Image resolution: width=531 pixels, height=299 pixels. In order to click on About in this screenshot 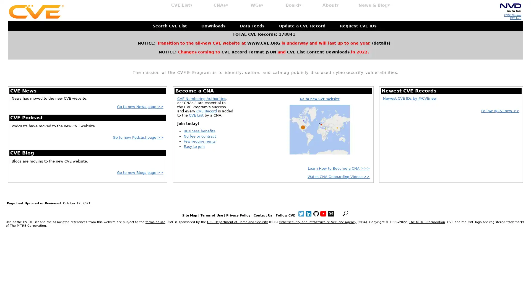, I will do `click(330, 5)`.